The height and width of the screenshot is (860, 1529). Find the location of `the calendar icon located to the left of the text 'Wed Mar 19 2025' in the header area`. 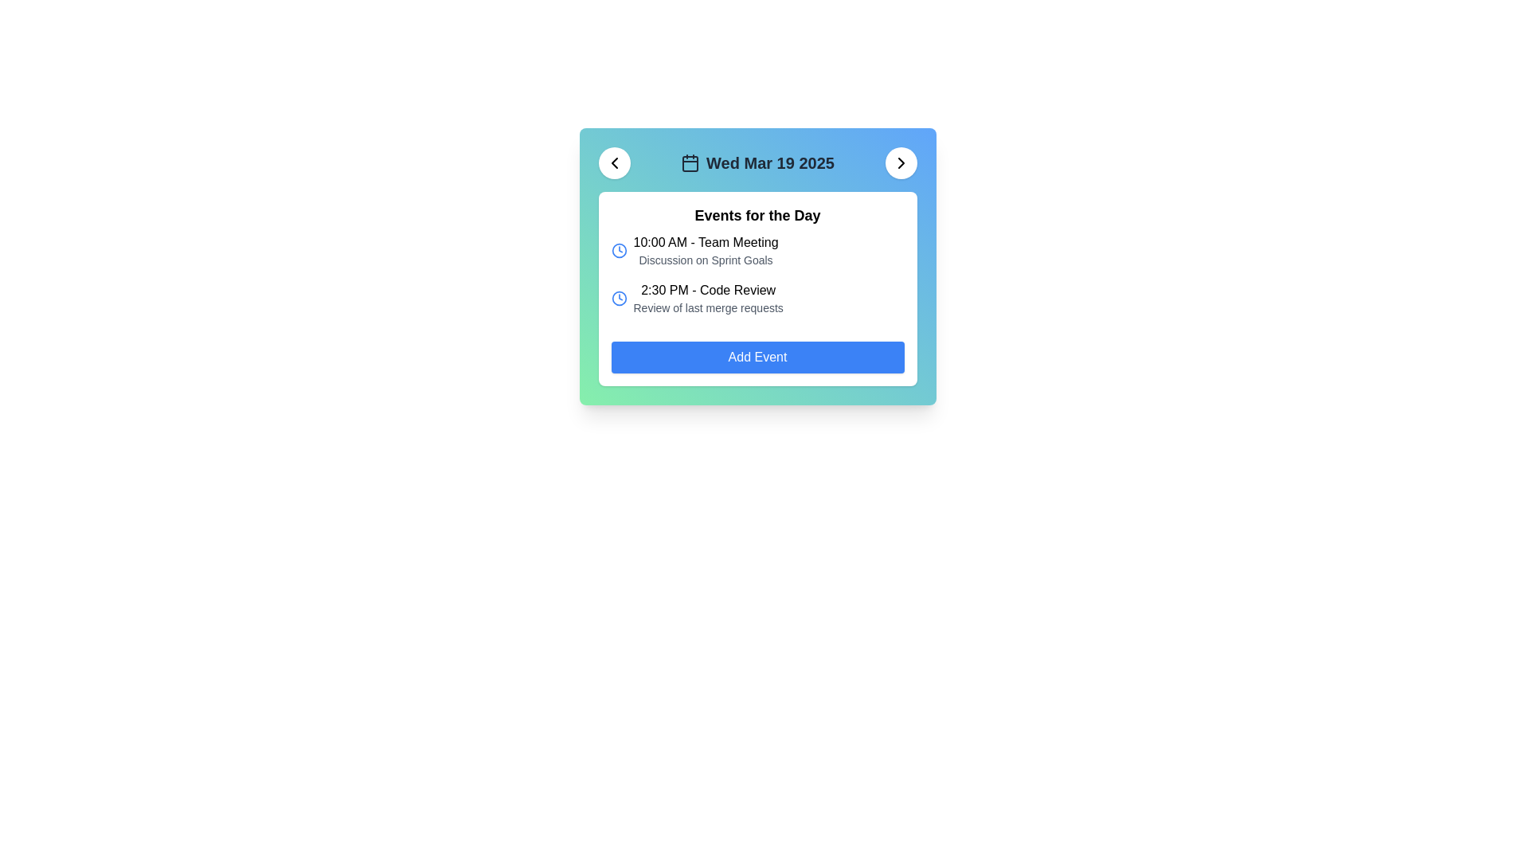

the calendar icon located to the left of the text 'Wed Mar 19 2025' in the header area is located at coordinates (690, 162).